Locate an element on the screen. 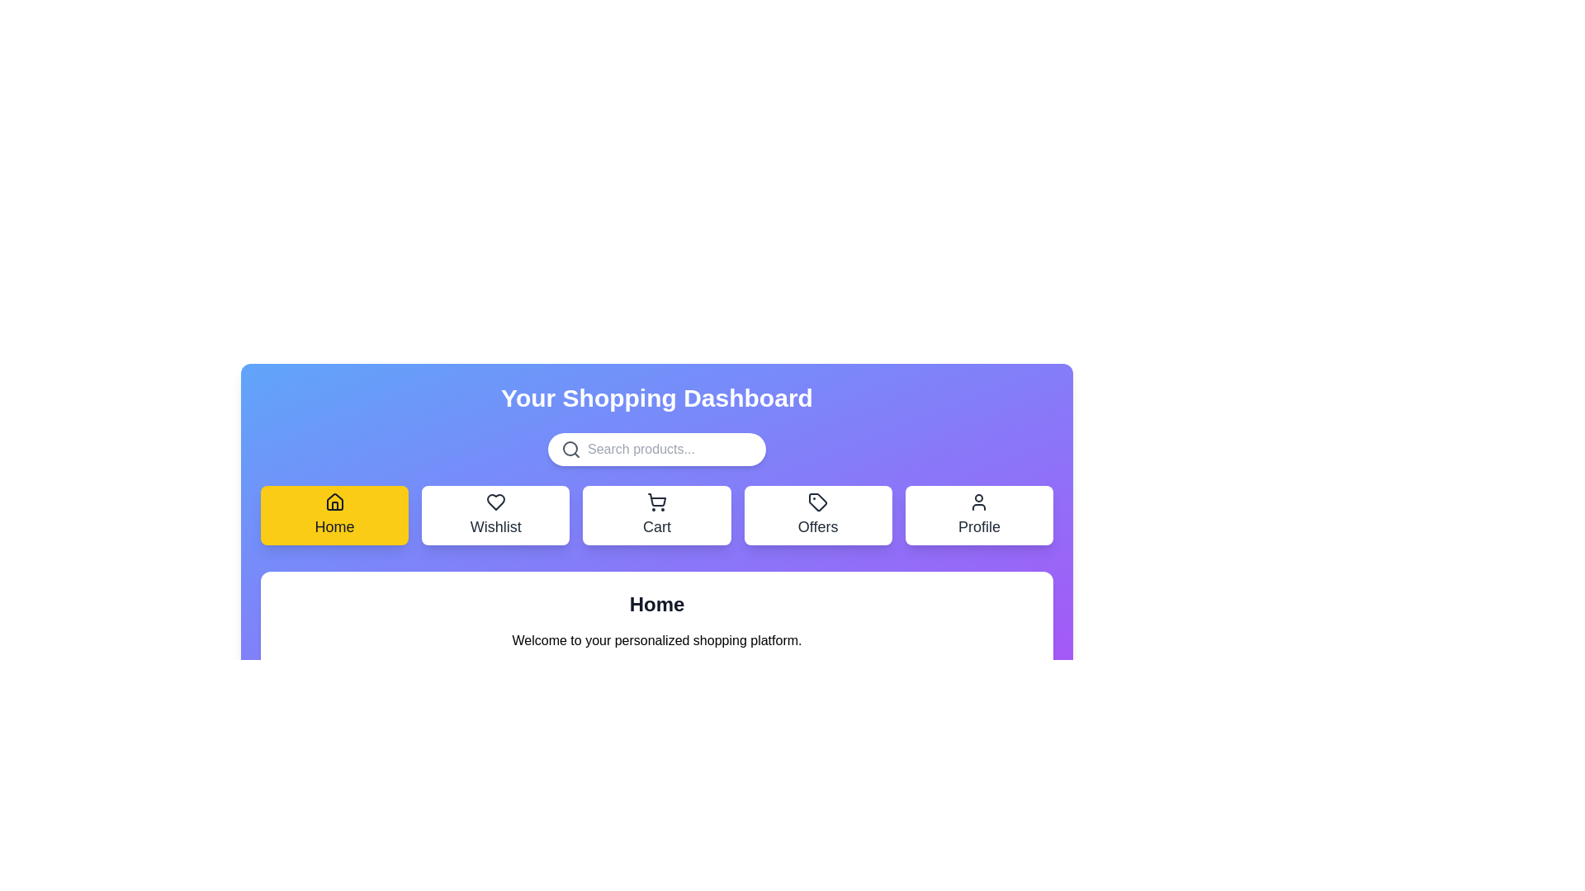 The width and height of the screenshot is (1585, 891). the search icon located at the left of the search bar is located at coordinates (570, 449).